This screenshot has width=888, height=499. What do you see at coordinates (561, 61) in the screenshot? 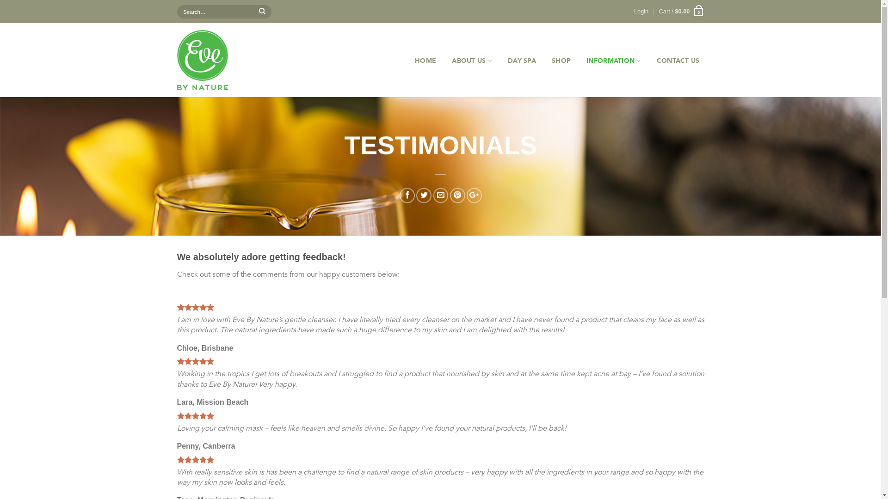
I see `'SHOP'` at bounding box center [561, 61].